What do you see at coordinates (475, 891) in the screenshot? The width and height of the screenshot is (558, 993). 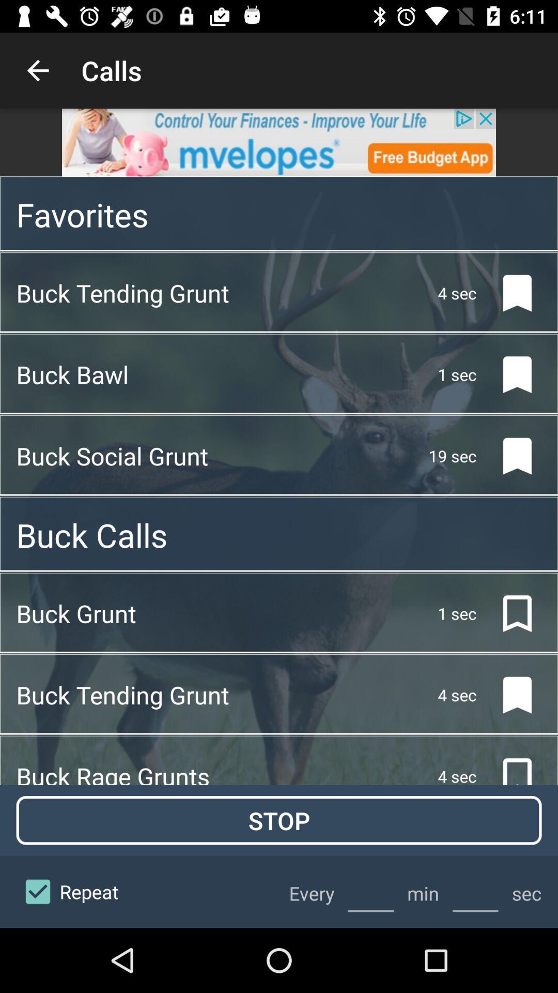 I see `set your time` at bounding box center [475, 891].